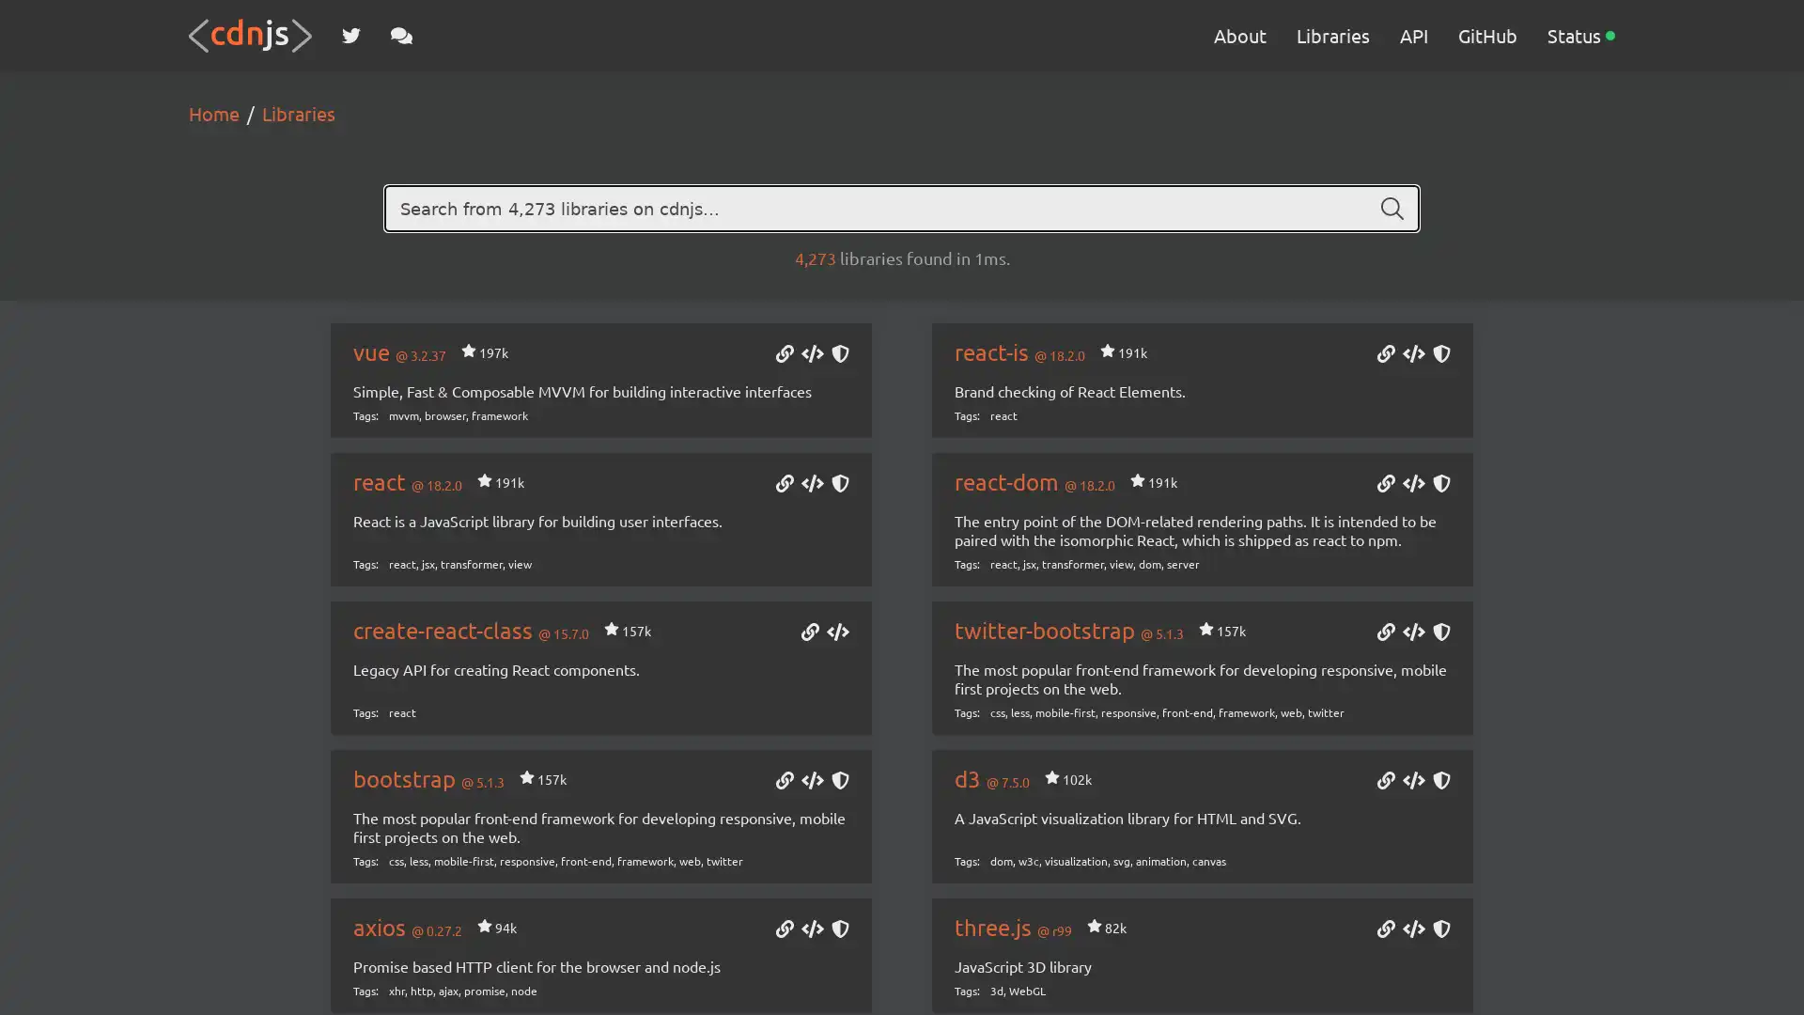  What do you see at coordinates (784, 355) in the screenshot?
I see `Copy URL` at bounding box center [784, 355].